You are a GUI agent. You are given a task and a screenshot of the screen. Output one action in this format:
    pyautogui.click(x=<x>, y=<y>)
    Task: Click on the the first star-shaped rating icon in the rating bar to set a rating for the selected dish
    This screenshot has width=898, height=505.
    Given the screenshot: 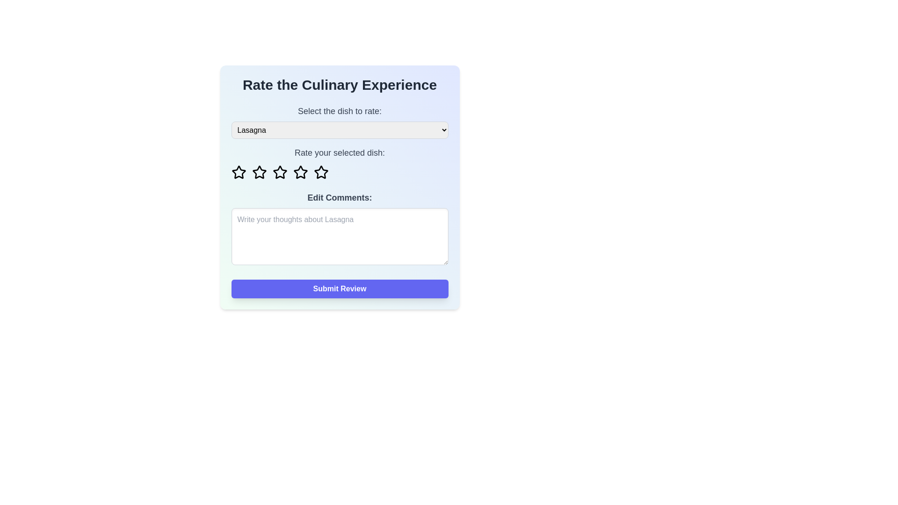 What is the action you would take?
    pyautogui.click(x=239, y=173)
    